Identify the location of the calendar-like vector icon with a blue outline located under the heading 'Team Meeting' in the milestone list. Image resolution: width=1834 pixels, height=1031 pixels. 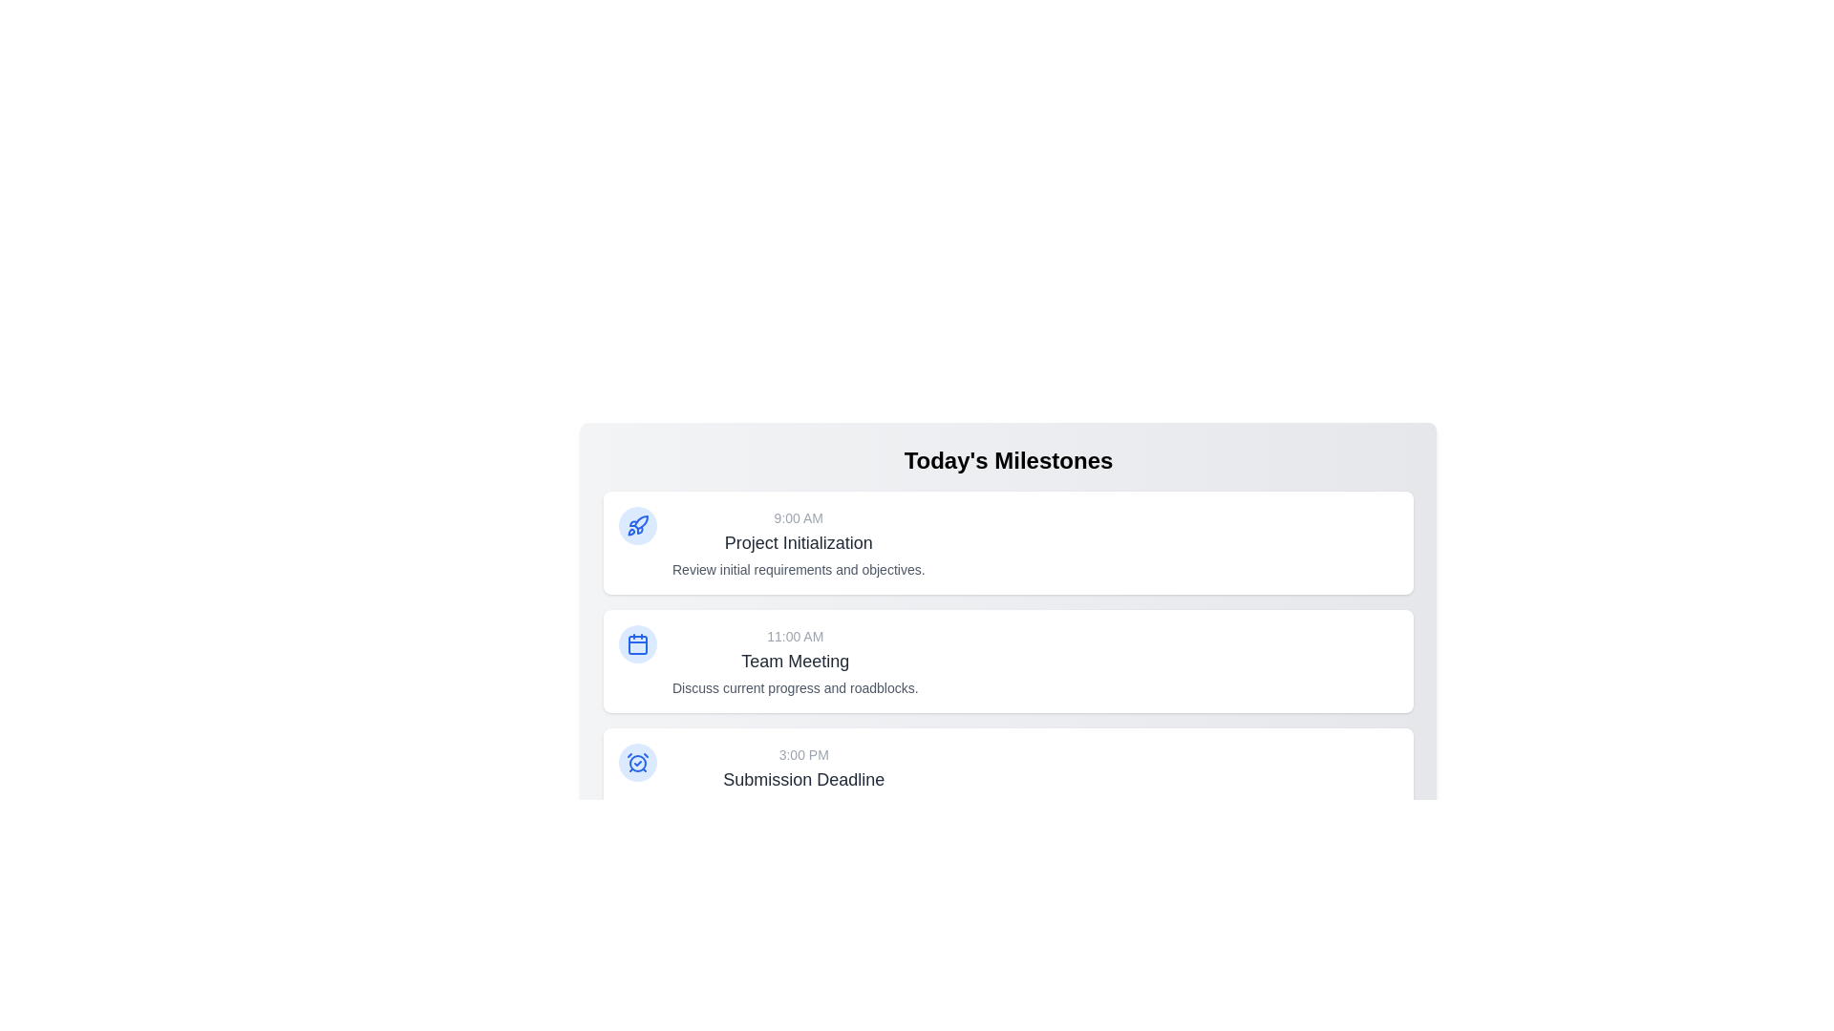
(637, 644).